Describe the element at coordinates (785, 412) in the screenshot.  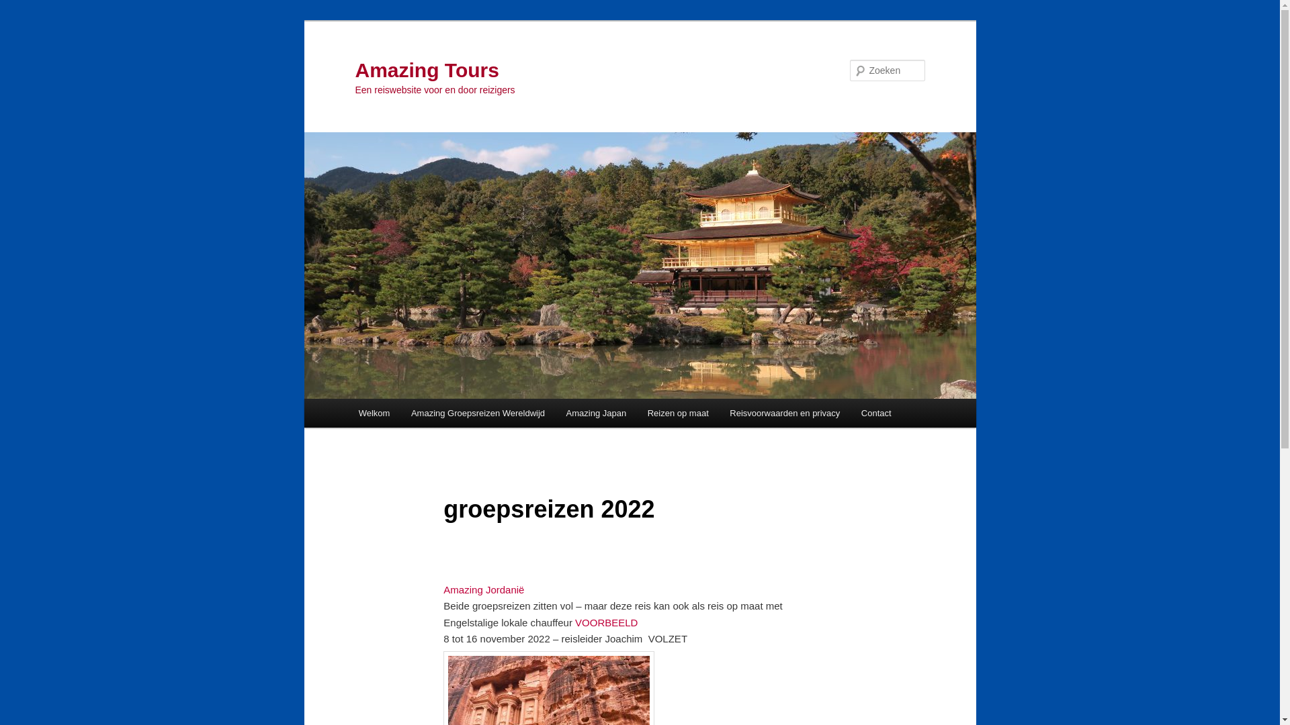
I see `'Reisvoorwaarden en privacy'` at that location.